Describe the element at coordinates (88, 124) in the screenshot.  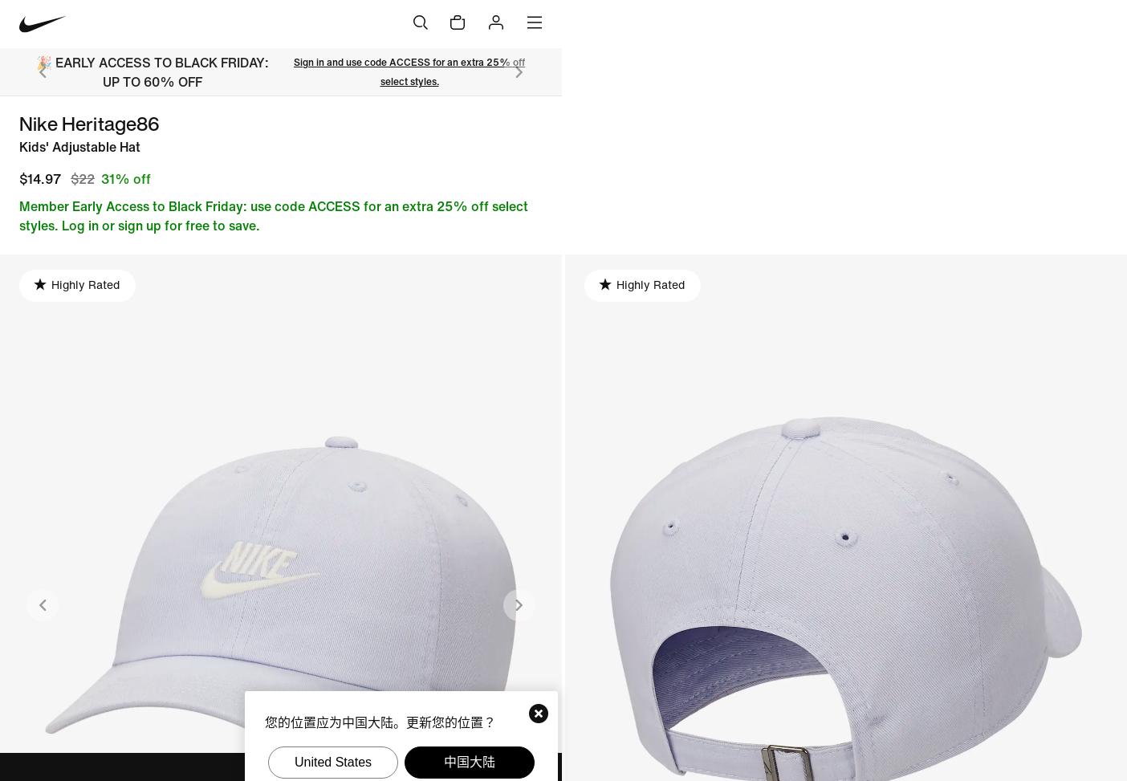
I see `'Nike Heritage86'` at that location.